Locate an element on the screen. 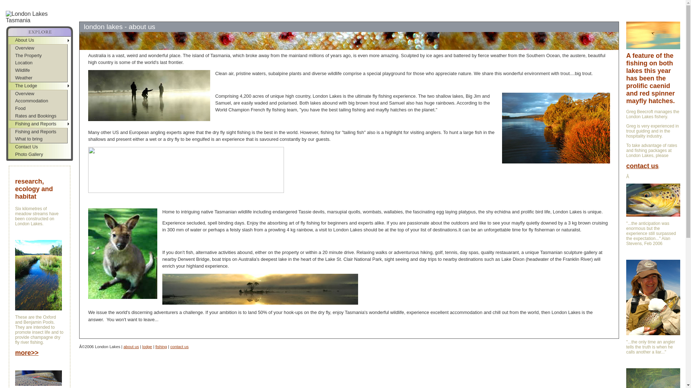 The height and width of the screenshot is (388, 691). 'lodge' is located at coordinates (146, 346).